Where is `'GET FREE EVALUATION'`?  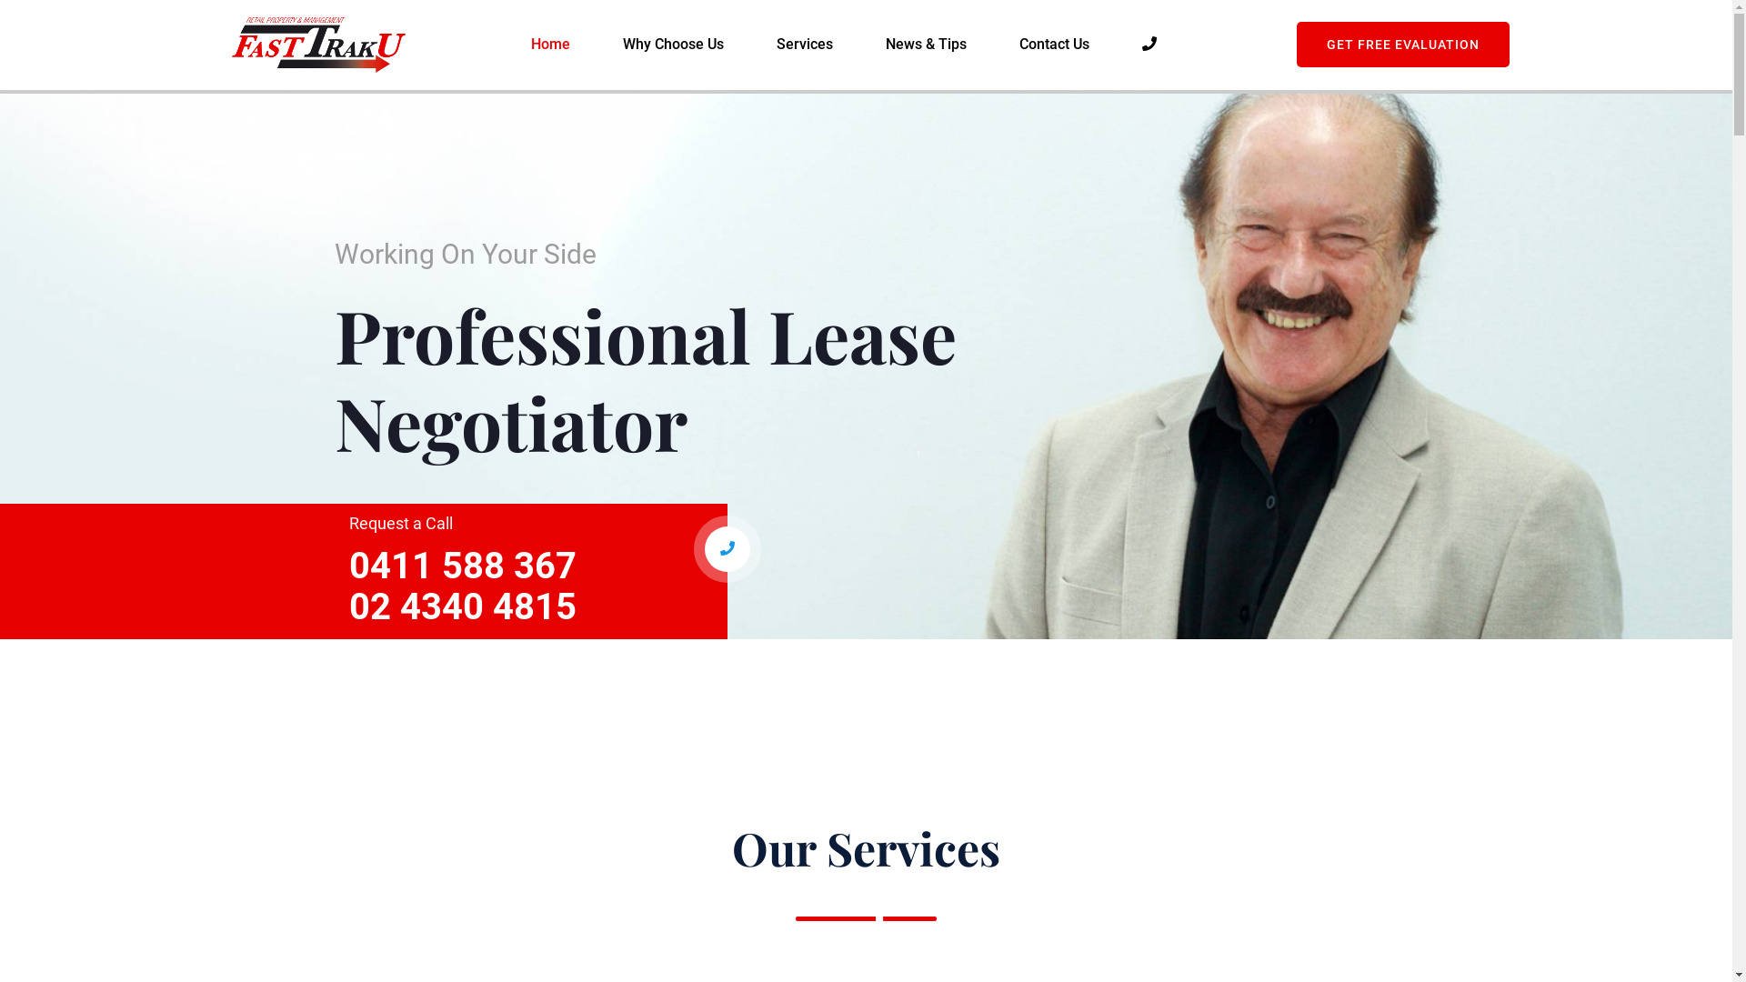 'GET FREE EVALUATION' is located at coordinates (1401, 44).